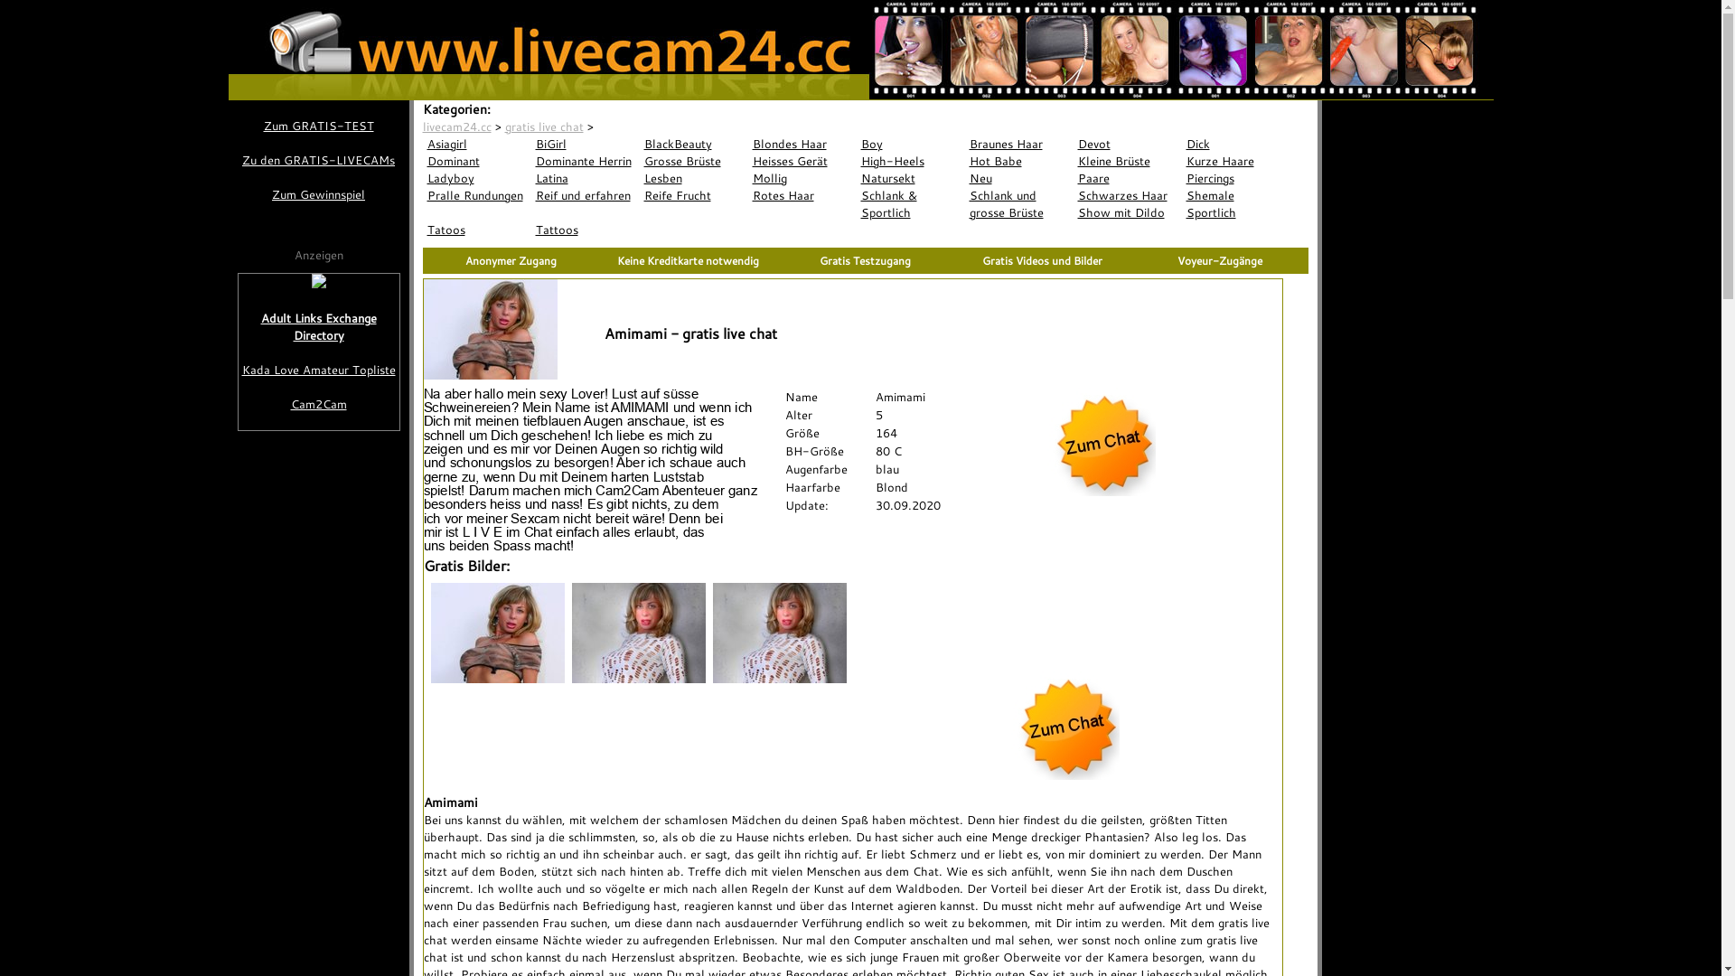 This screenshot has width=1735, height=976. I want to click on 'Dick', so click(1235, 143).